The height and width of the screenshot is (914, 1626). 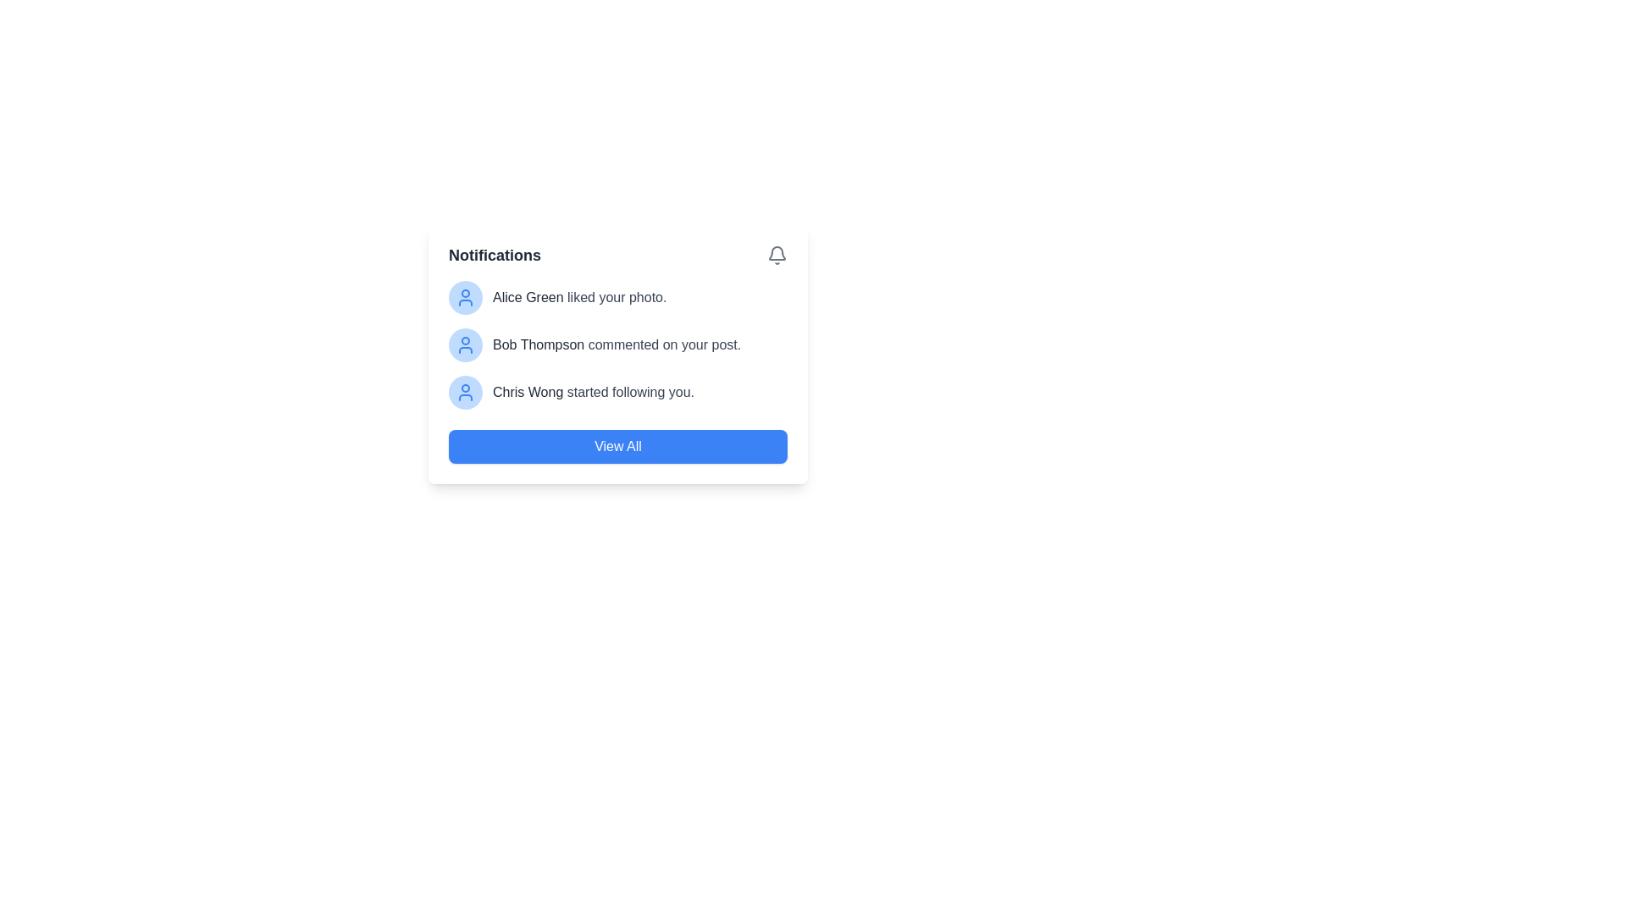 I want to click on the text label that informs the user 'Chris Wong started following you.' This label is located in the third row of the notification list, between 'Bob Thompson commented on your post.' and the 'View All' button, so click(x=593, y=392).